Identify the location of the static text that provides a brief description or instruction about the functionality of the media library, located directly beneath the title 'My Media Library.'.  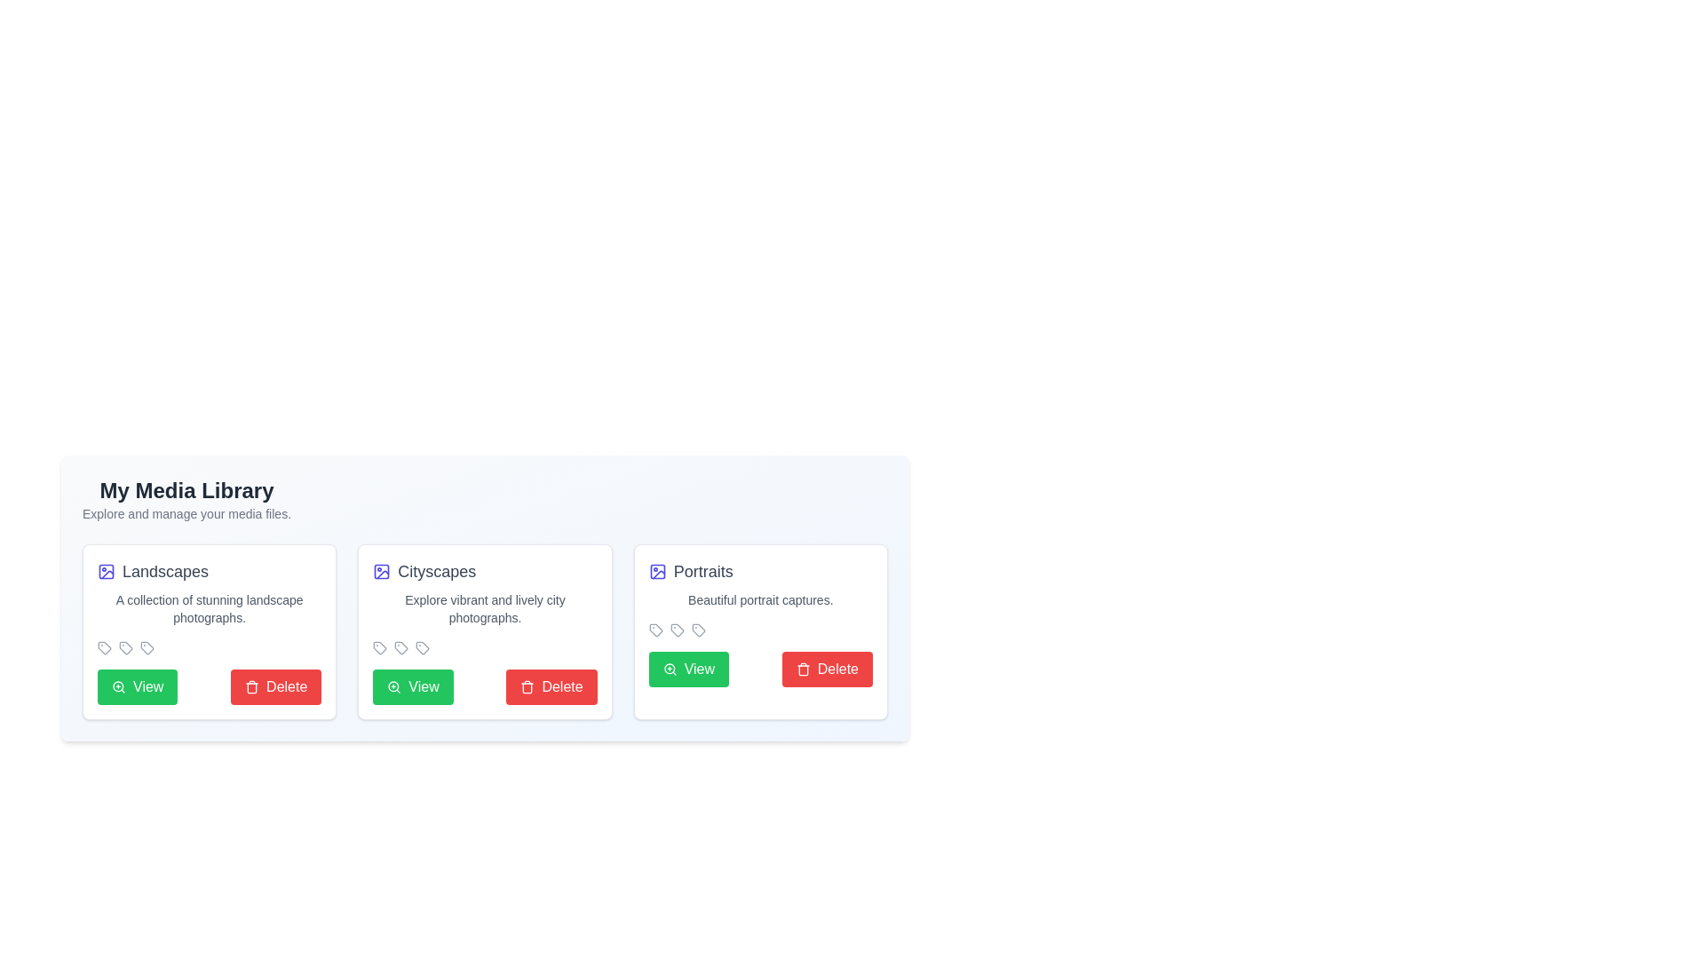
(186, 513).